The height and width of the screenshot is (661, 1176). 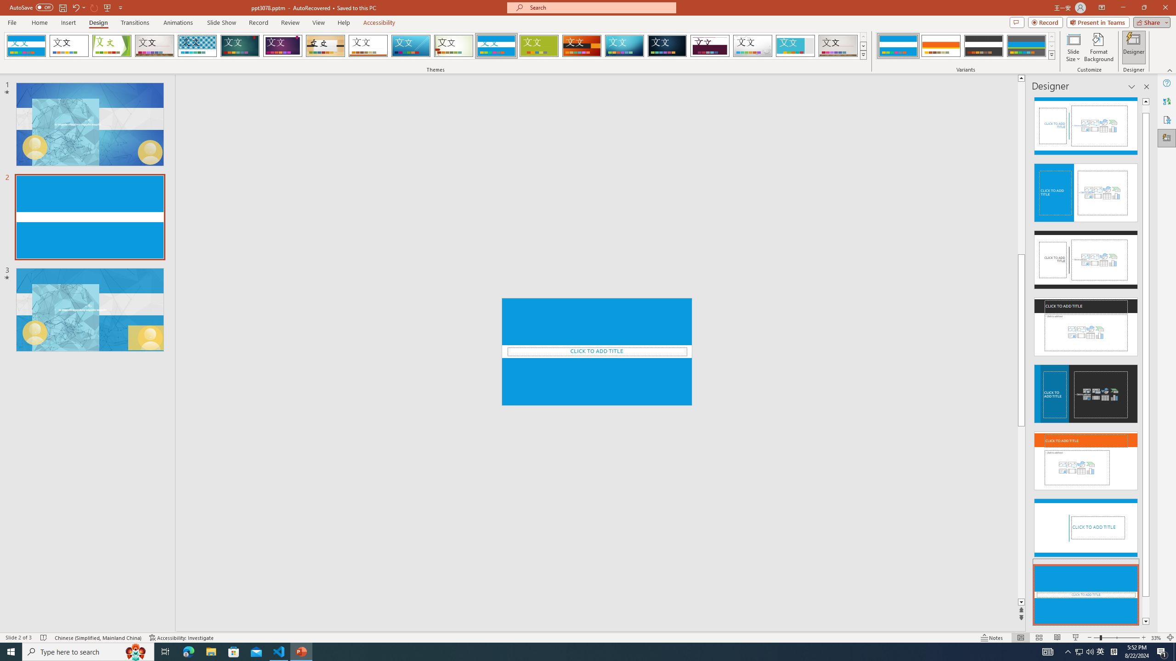 I want to click on 'Organic', so click(x=326, y=45).